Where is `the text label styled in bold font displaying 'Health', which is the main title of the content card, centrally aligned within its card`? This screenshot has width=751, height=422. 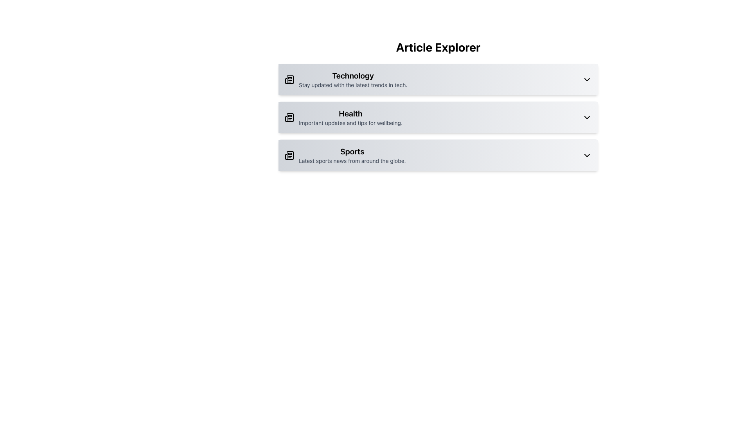
the text label styled in bold font displaying 'Health', which is the main title of the content card, centrally aligned within its card is located at coordinates (350, 113).